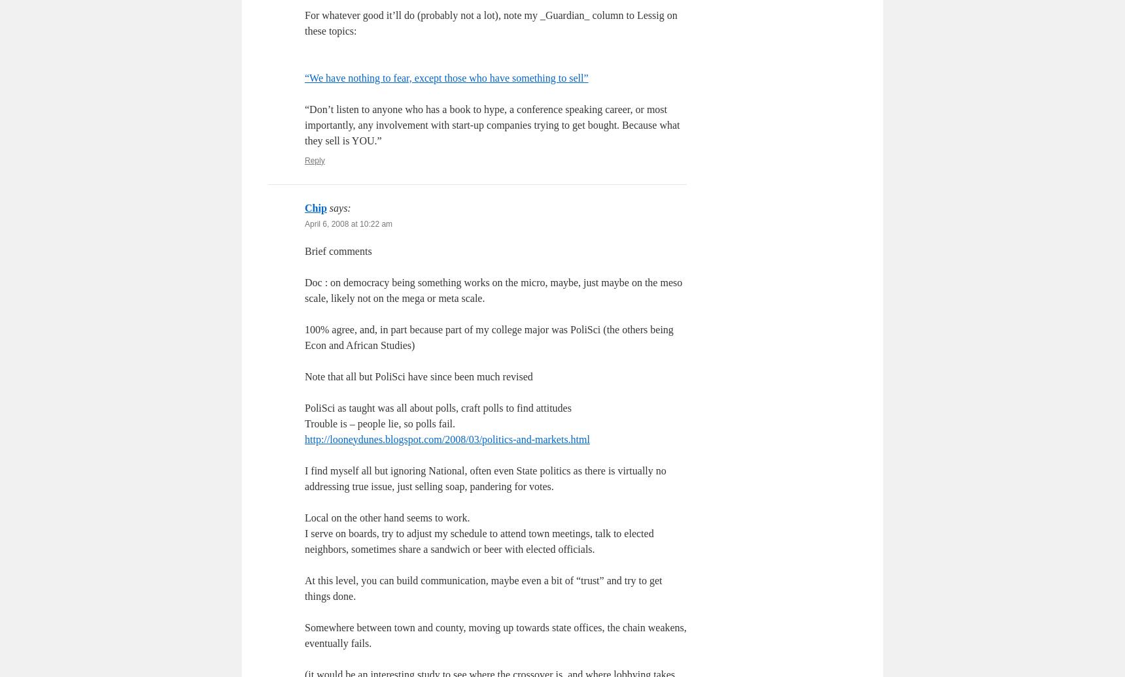 The height and width of the screenshot is (677, 1125). I want to click on '100% agree, and, in part because part of my college major was PoliSci (the others being Econ and African Studies)', so click(488, 337).